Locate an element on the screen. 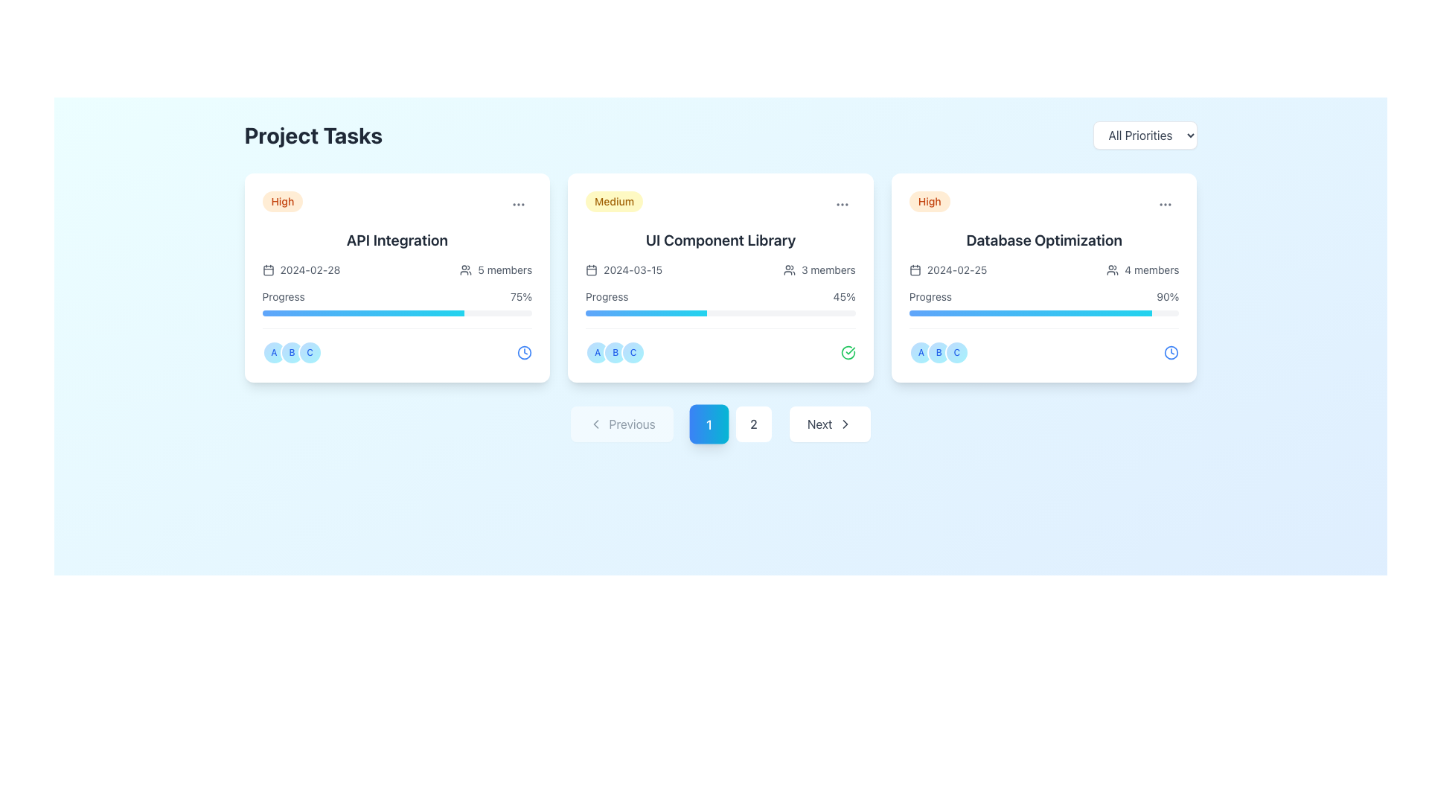 The height and width of the screenshot is (804, 1429). second circular badge located between badges labeled 'A' and 'C' beneath the progress bar in the card labeled 'UI Component Library' is located at coordinates (616, 353).